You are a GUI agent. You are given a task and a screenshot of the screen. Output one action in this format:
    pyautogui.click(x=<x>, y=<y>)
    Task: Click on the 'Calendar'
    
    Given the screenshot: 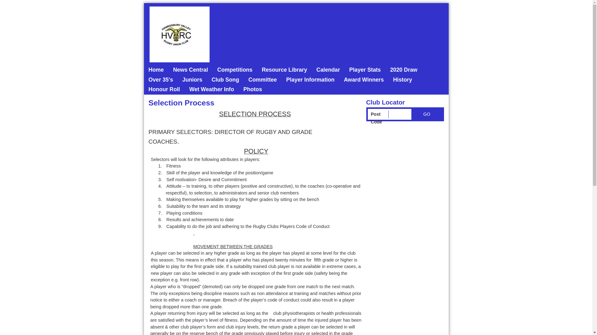 What is the action you would take?
    pyautogui.click(x=328, y=70)
    